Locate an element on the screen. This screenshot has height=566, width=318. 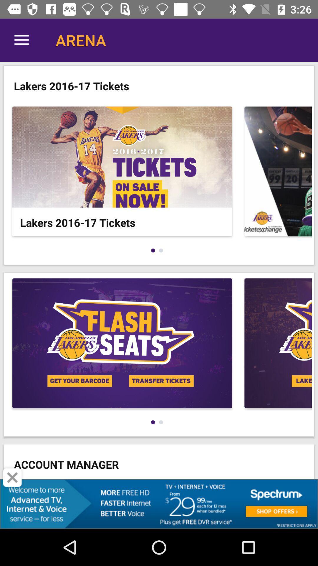
icon next to the arena item is located at coordinates (21, 40).